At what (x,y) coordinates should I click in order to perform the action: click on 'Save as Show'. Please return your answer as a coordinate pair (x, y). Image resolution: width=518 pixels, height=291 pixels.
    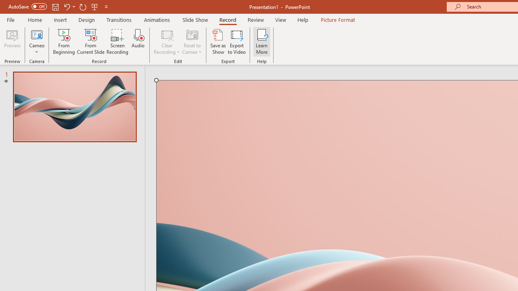
    Looking at the image, I should click on (218, 42).